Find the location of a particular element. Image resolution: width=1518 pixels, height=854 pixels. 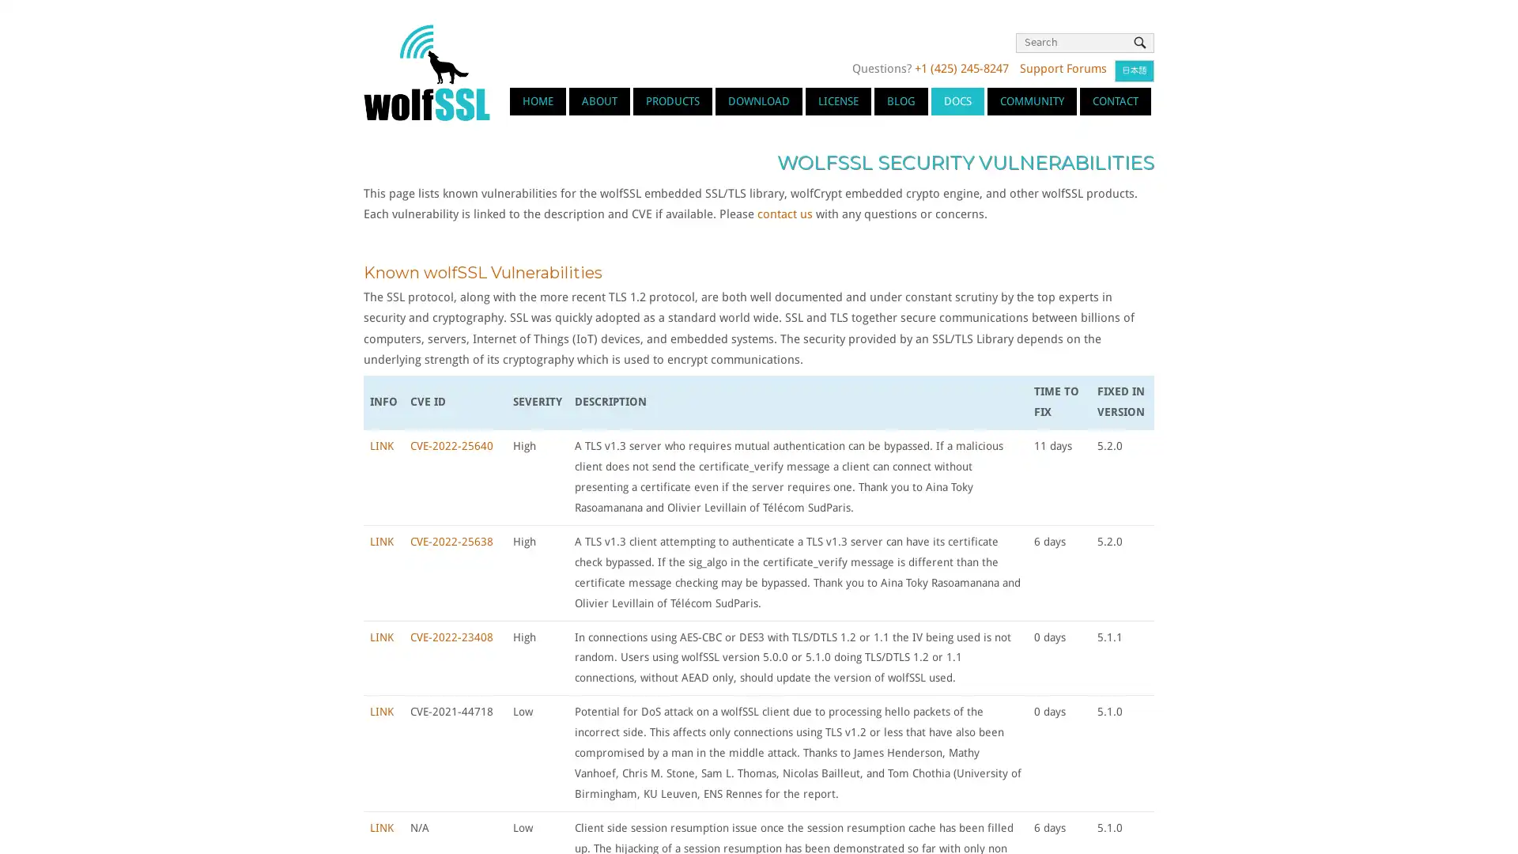

Search is located at coordinates (1139, 42).